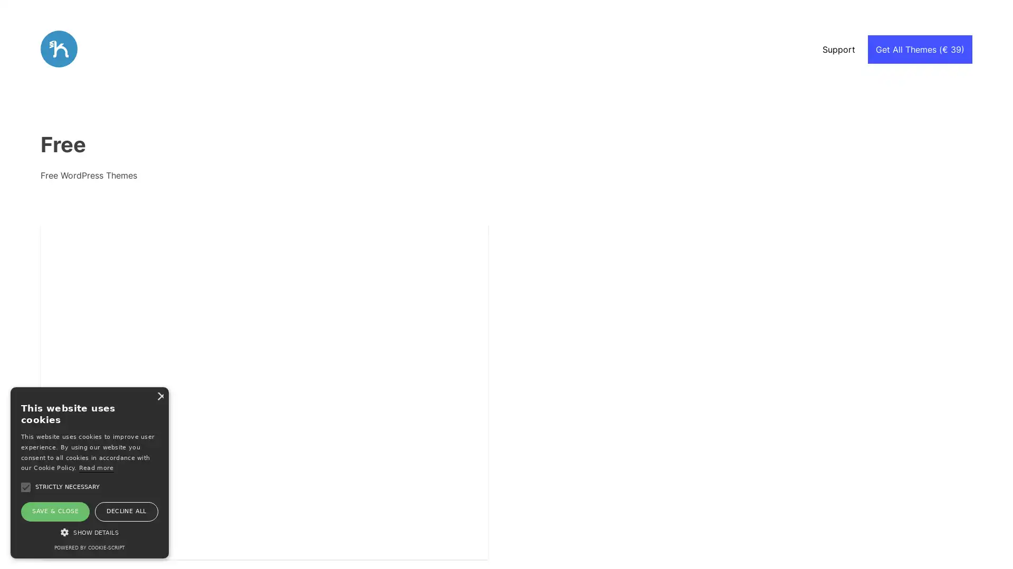 This screenshot has width=1013, height=569. I want to click on SHOW DETAILS, so click(89, 532).